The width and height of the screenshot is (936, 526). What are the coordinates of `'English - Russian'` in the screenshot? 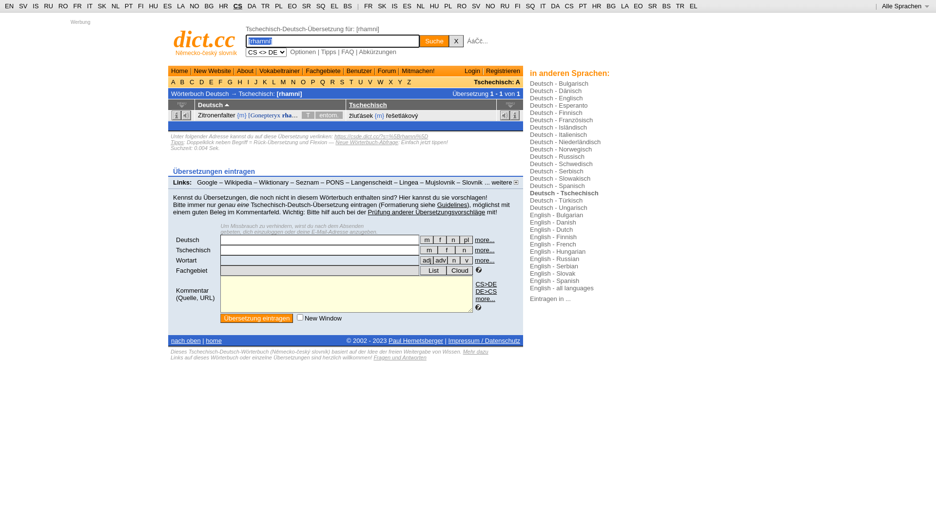 It's located at (554, 258).